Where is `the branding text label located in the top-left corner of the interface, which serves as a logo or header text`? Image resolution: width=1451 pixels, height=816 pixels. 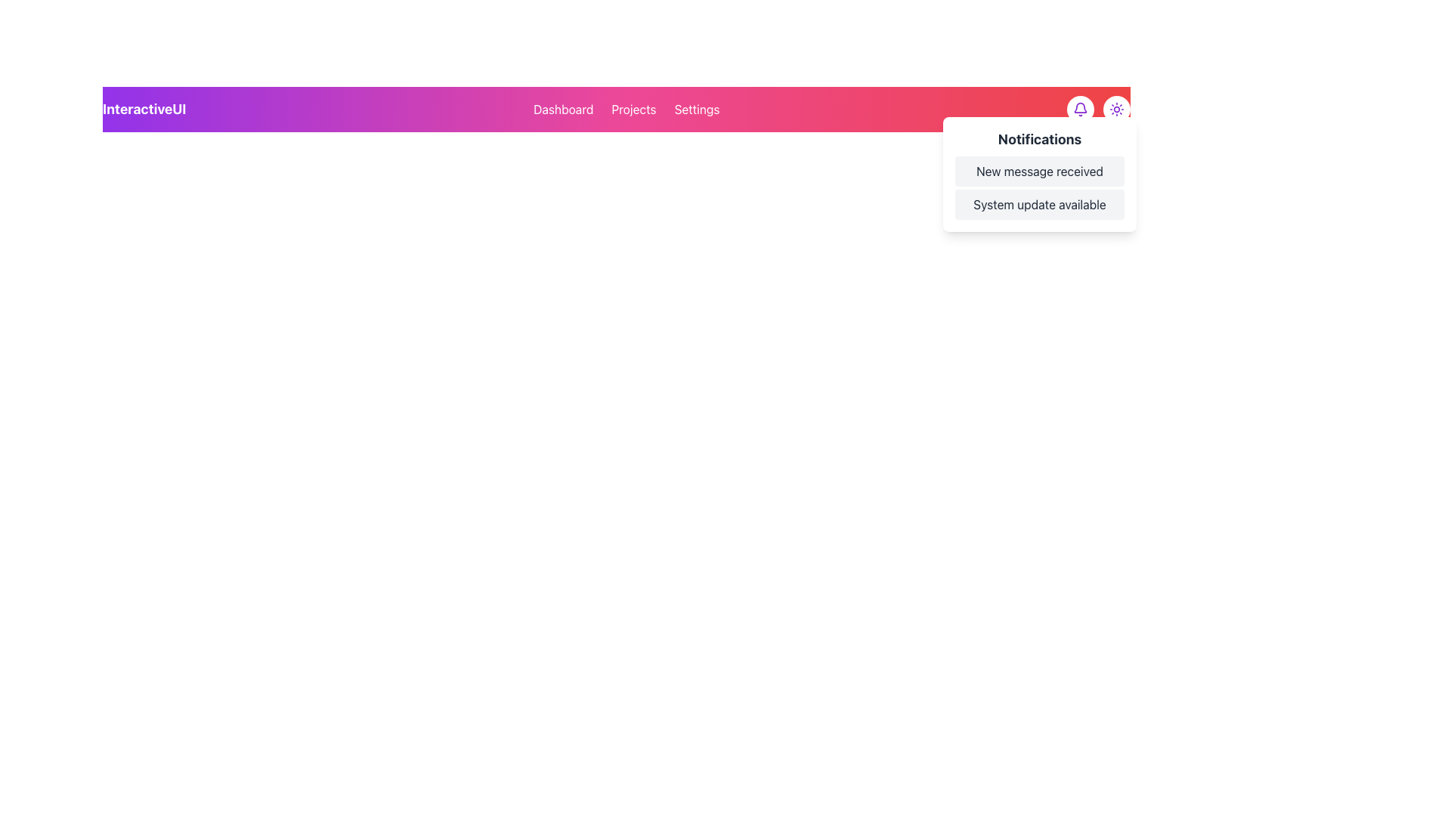
the branding text label located in the top-left corner of the interface, which serves as a logo or header text is located at coordinates (144, 109).